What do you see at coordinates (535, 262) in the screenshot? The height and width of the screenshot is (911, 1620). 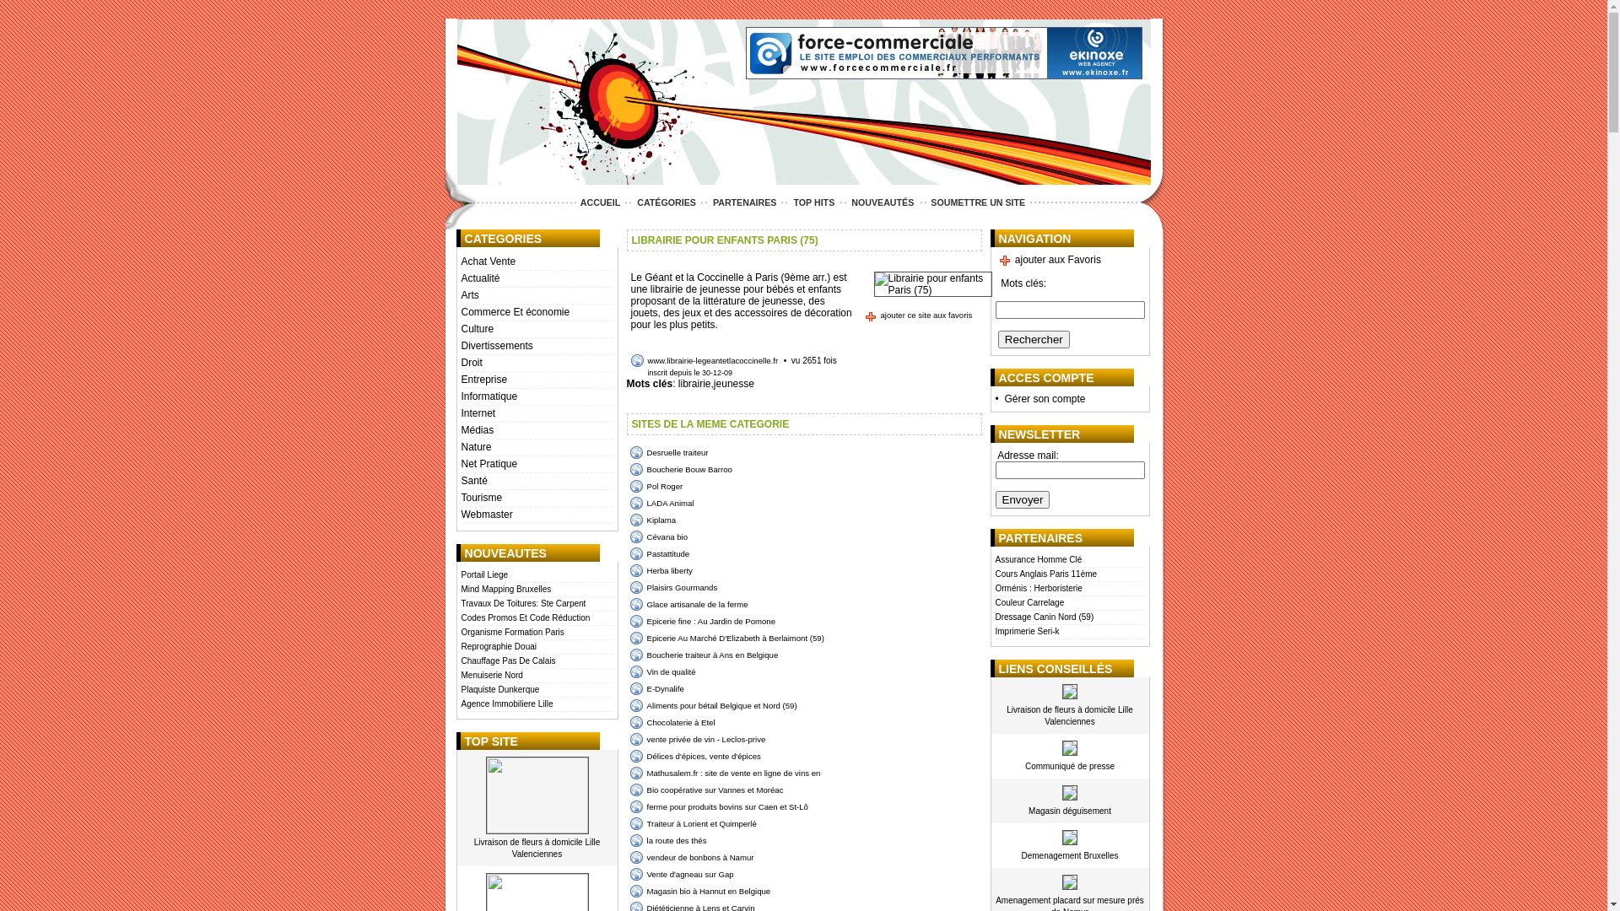 I see `'Achat Vente'` at bounding box center [535, 262].